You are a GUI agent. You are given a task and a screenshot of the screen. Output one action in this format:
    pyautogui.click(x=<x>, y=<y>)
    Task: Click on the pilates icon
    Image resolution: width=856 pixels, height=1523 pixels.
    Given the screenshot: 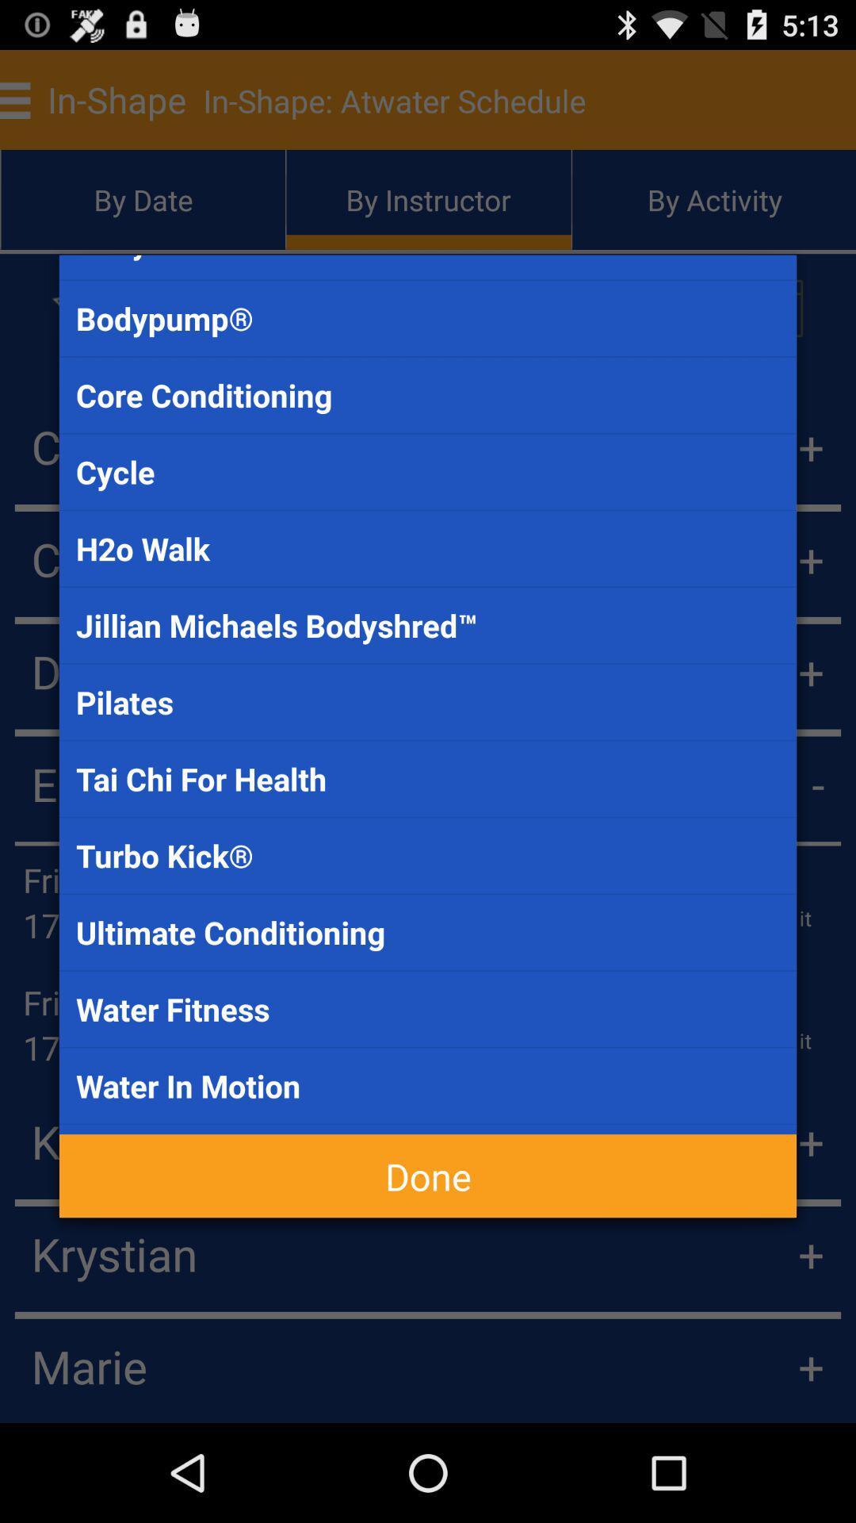 What is the action you would take?
    pyautogui.click(x=428, y=701)
    